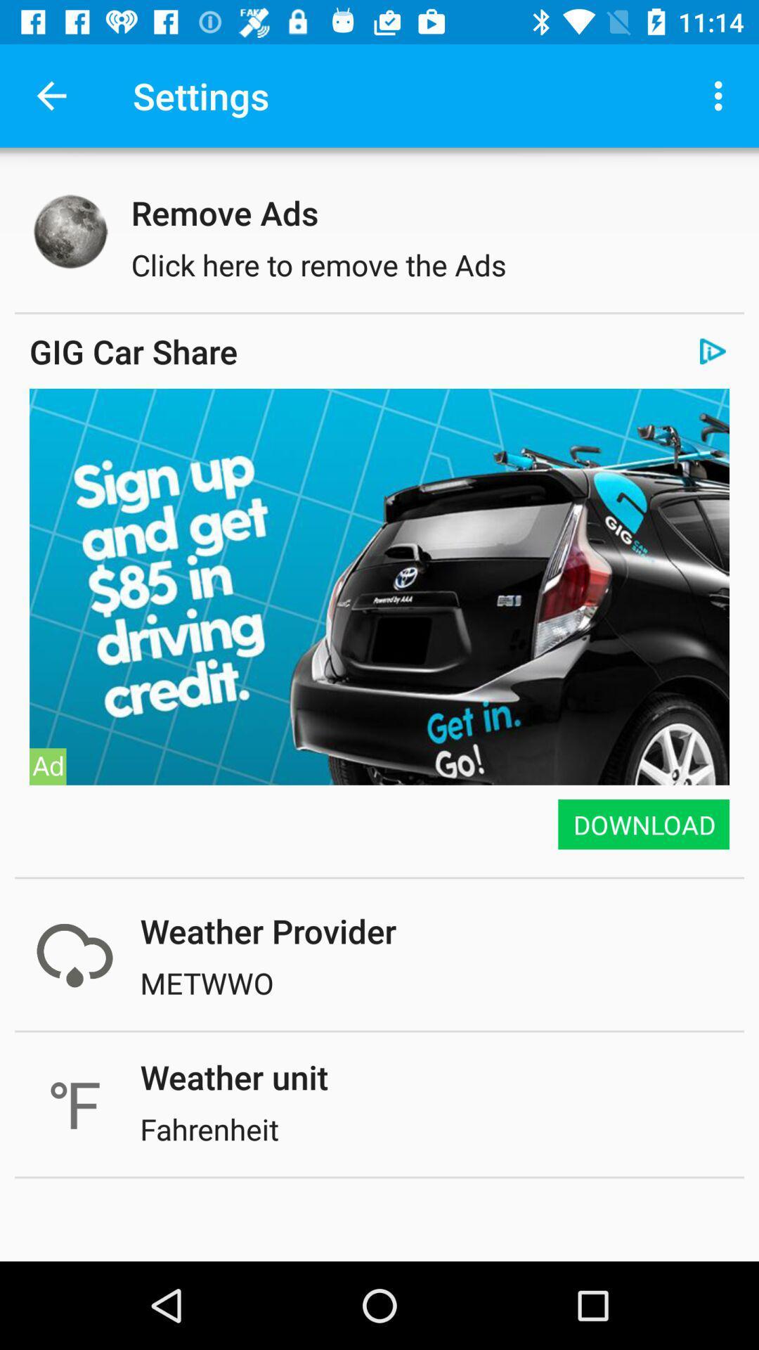 The image size is (759, 1350). Describe the element at coordinates (51, 95) in the screenshot. I see `icon to the left of settings` at that location.